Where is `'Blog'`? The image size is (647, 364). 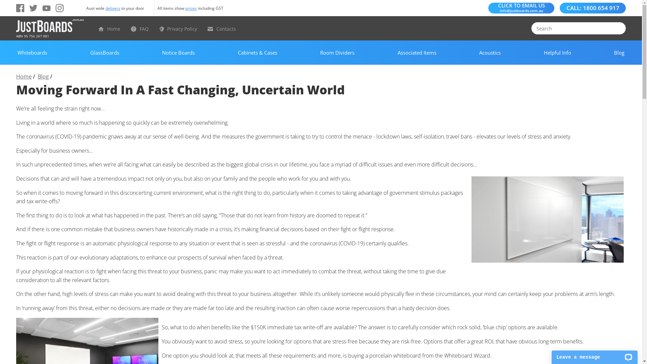 'Blog' is located at coordinates (37, 76).